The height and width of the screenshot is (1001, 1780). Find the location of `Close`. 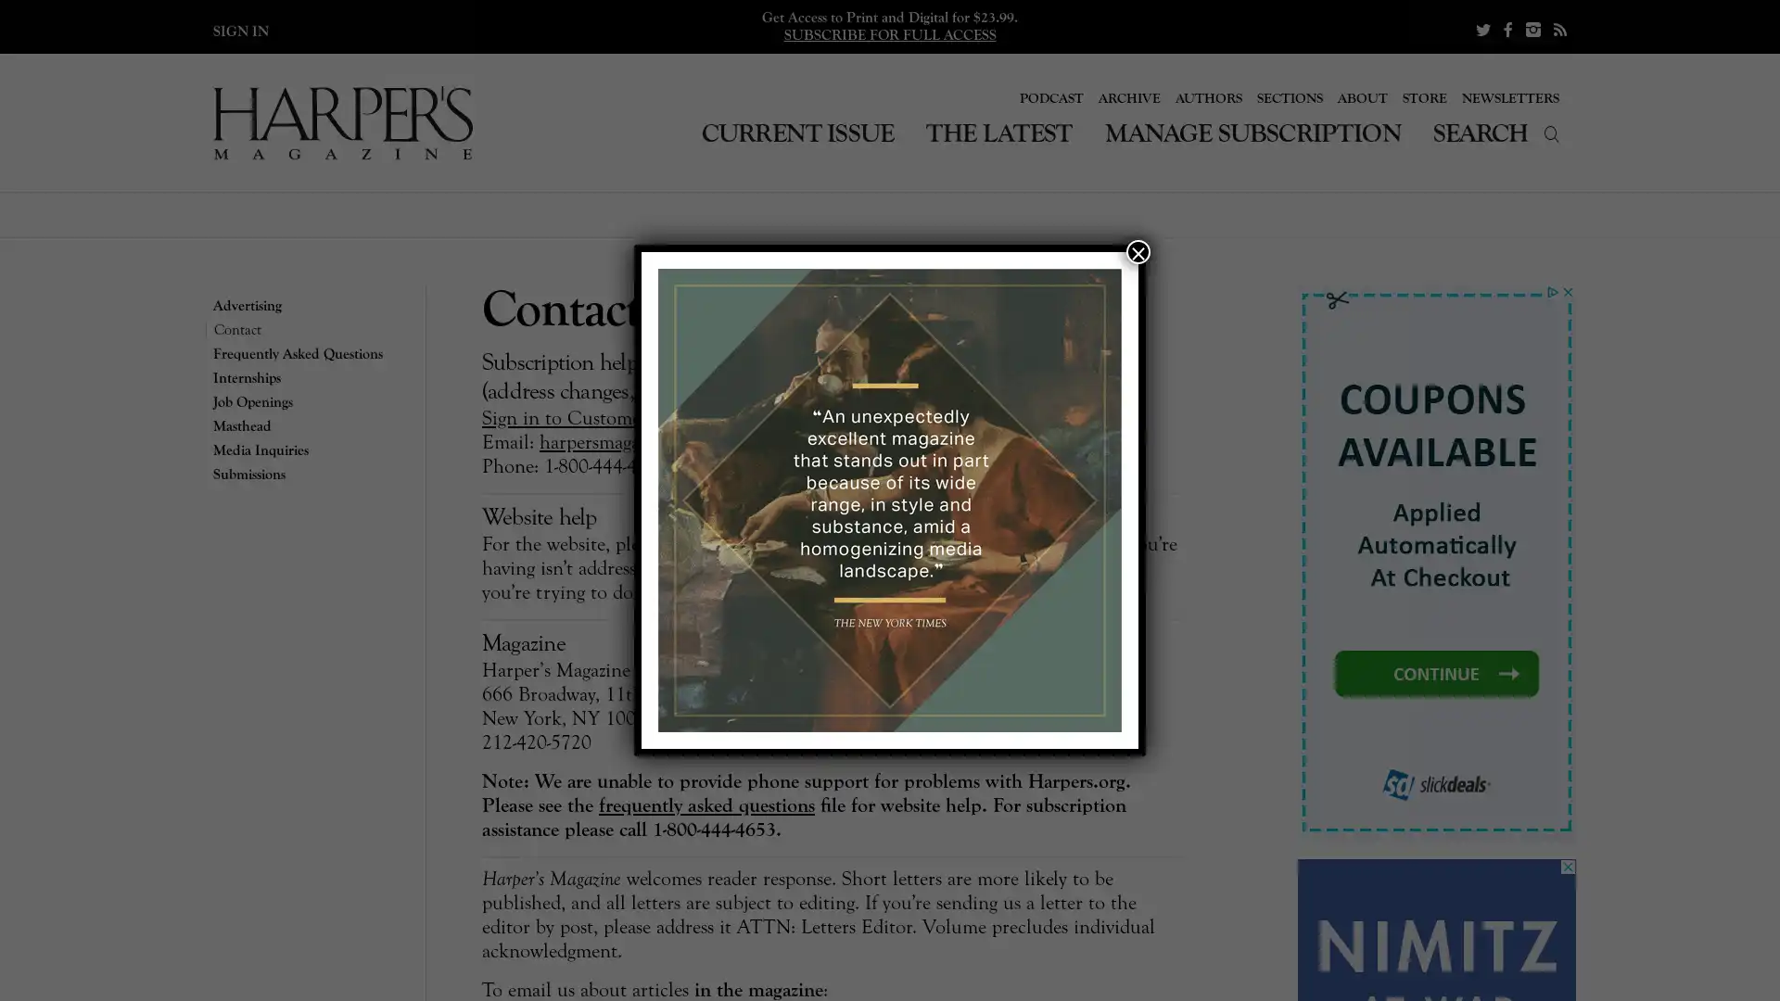

Close is located at coordinates (1138, 252).